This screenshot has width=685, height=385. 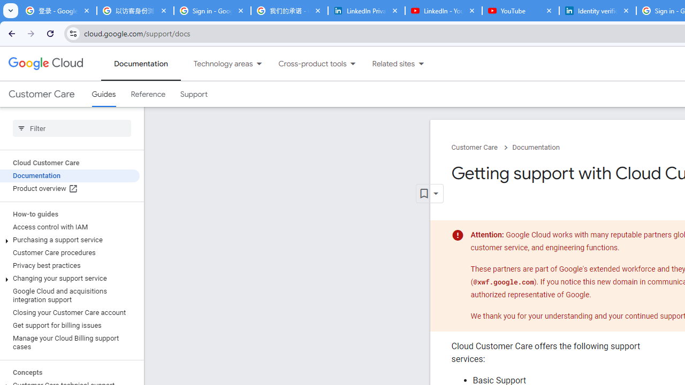 What do you see at coordinates (72, 33) in the screenshot?
I see `'View site information'` at bounding box center [72, 33].